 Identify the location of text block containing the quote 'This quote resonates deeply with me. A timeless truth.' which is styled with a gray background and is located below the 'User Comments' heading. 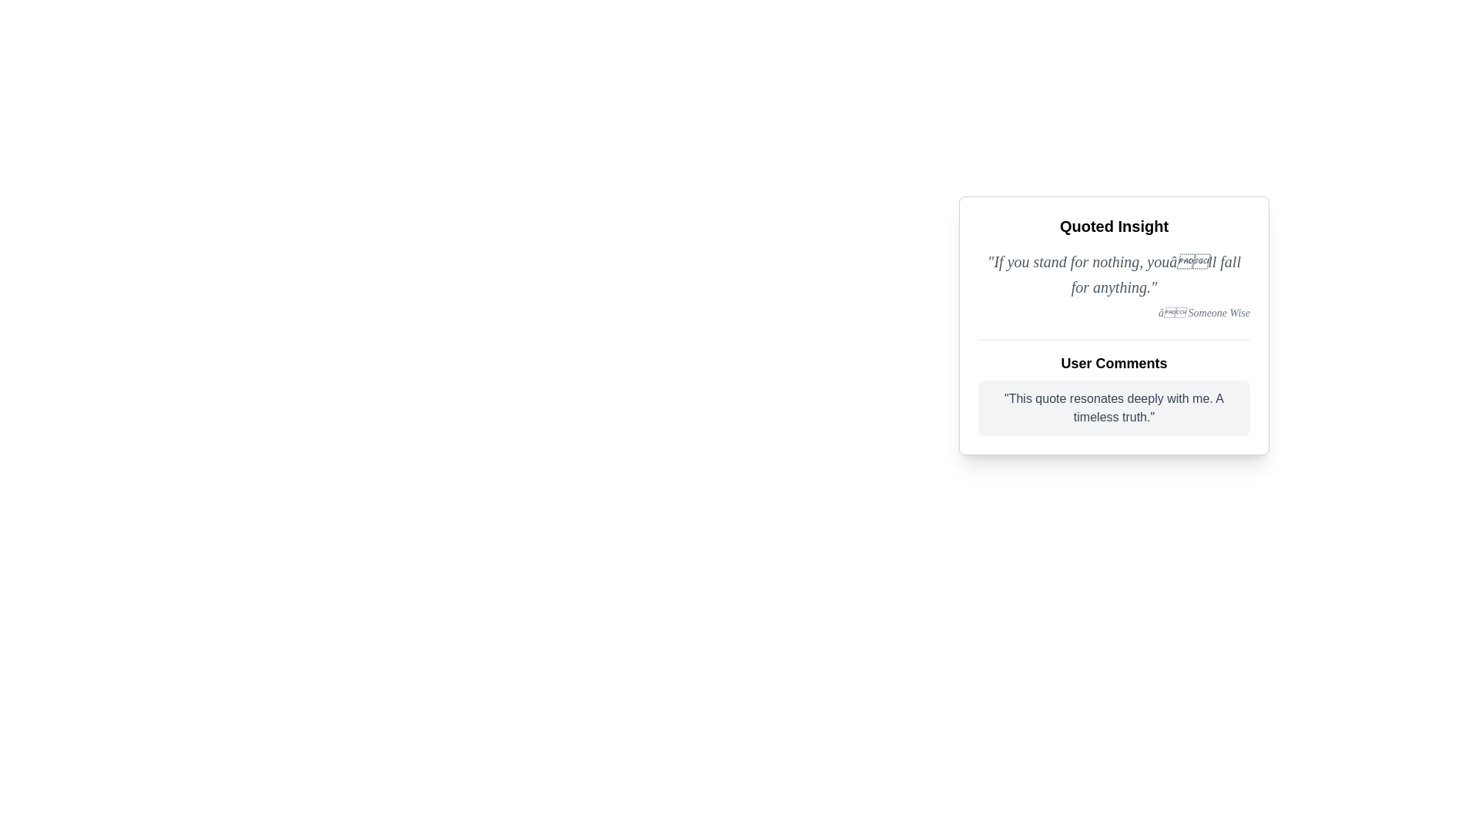
(1114, 407).